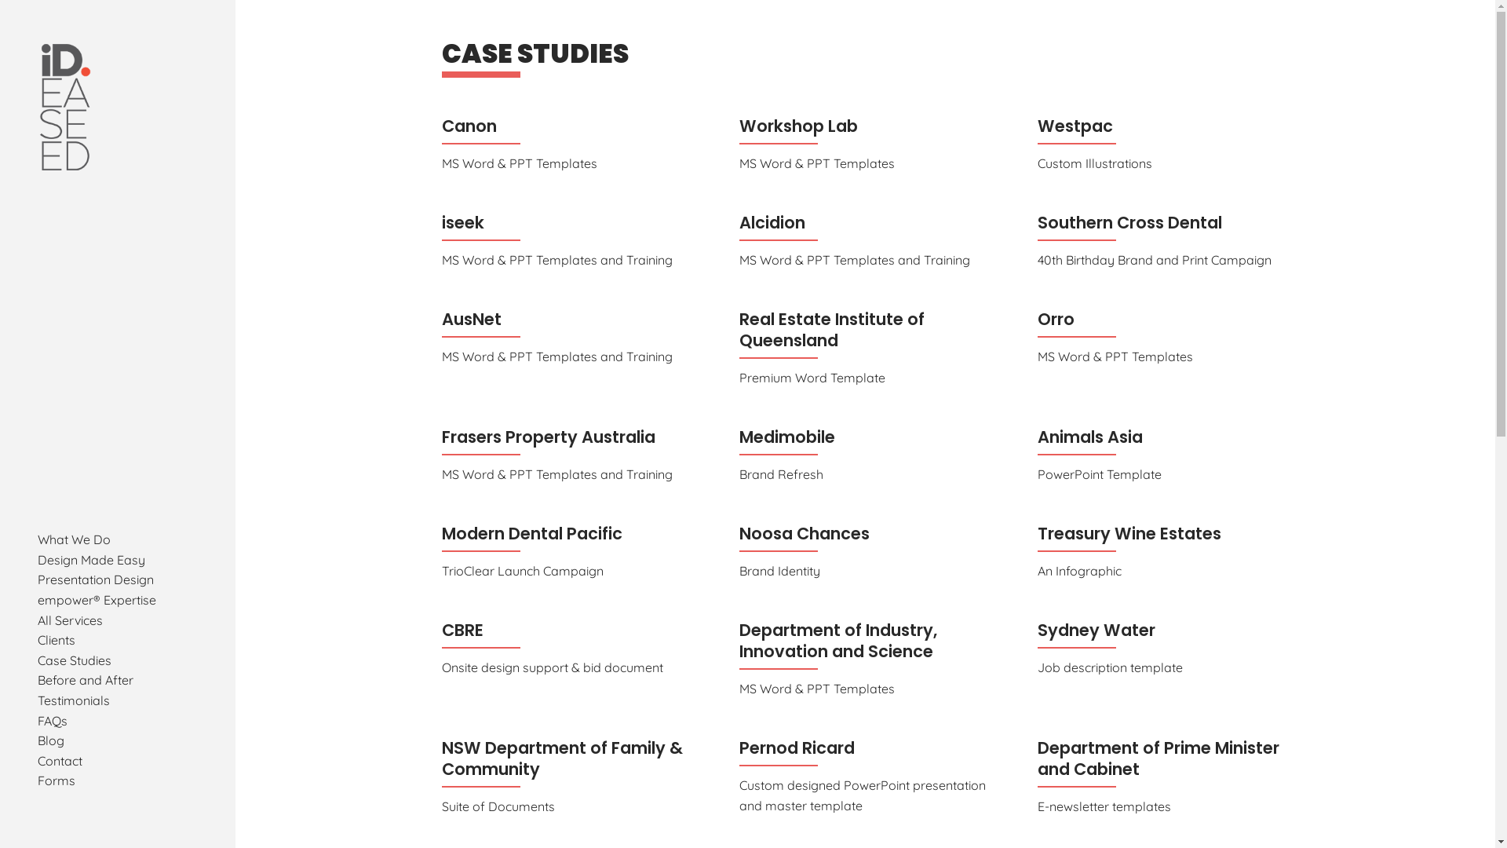 This screenshot has width=1507, height=848. I want to click on 'Presentation Design', so click(94, 579).